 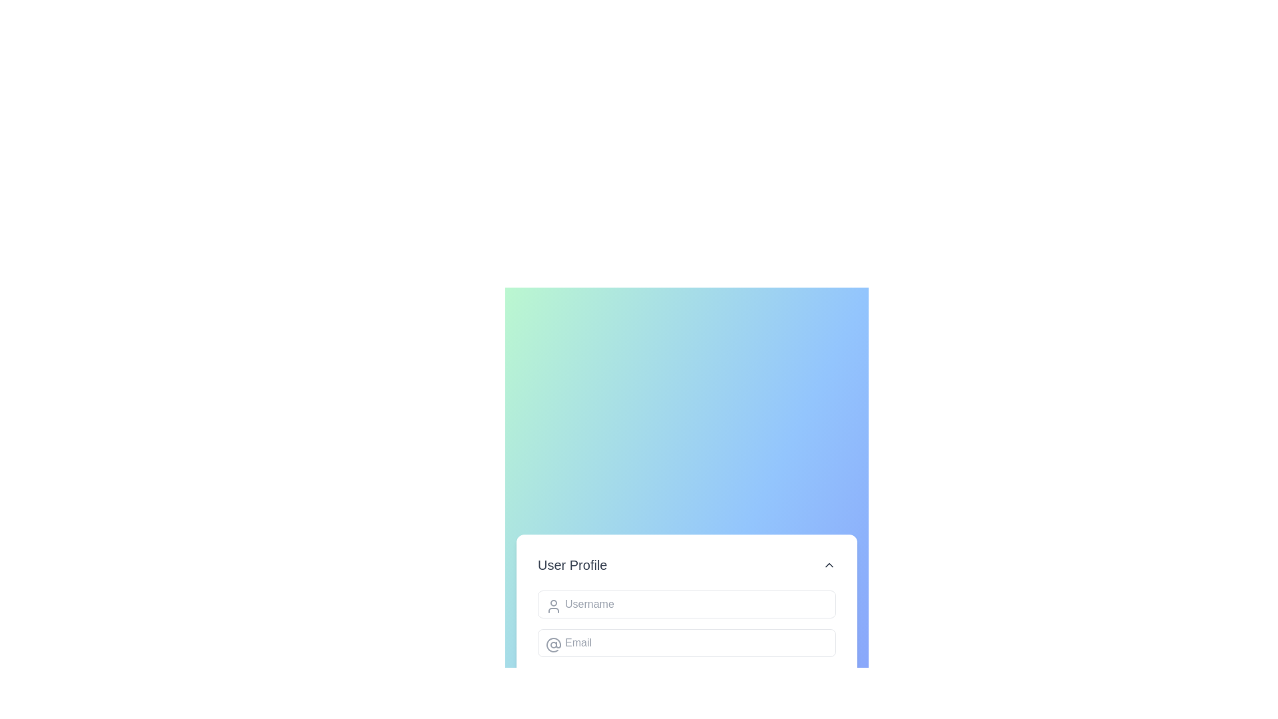 I want to click on the user profile SVG icon, which is a gray outline of a head and shoulders, located to the left of the 'Username' input field, so click(x=553, y=606).